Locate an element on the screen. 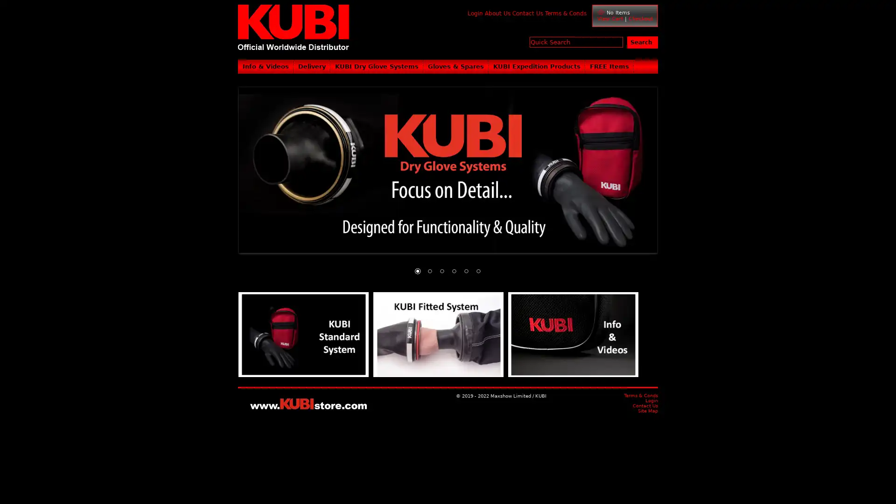 The height and width of the screenshot is (504, 896). Search is located at coordinates (641, 42).